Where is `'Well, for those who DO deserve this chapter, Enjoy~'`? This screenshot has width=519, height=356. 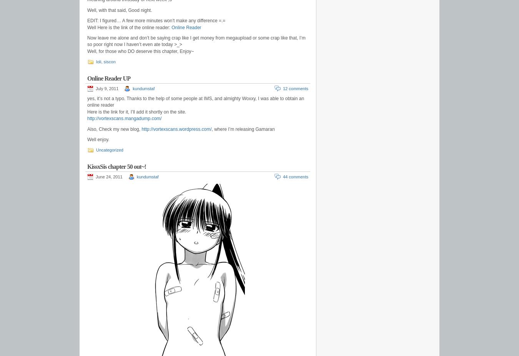 'Well, for those who DO deserve this chapter, Enjoy~' is located at coordinates (140, 51).